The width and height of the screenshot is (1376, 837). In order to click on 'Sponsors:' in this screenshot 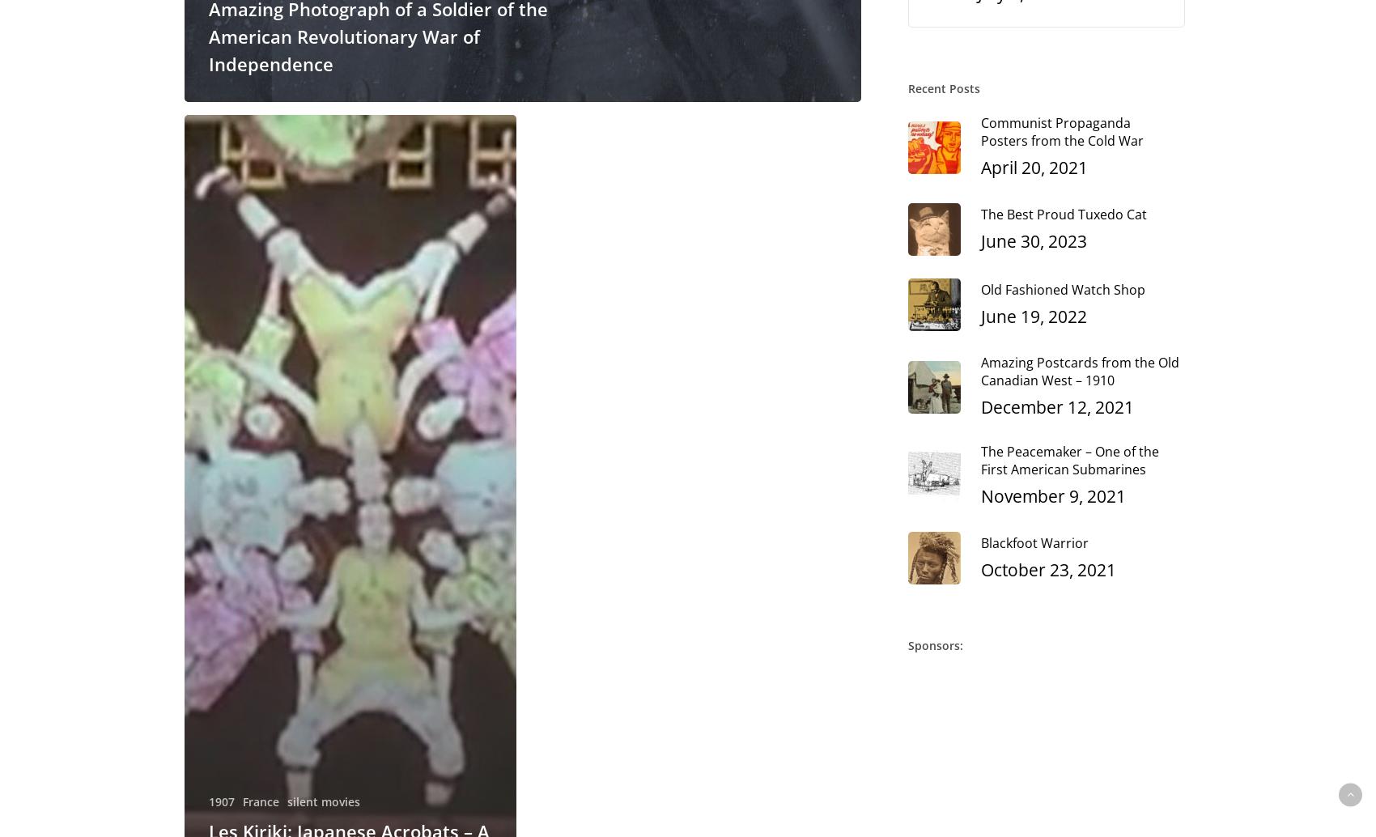, I will do `click(936, 644)`.